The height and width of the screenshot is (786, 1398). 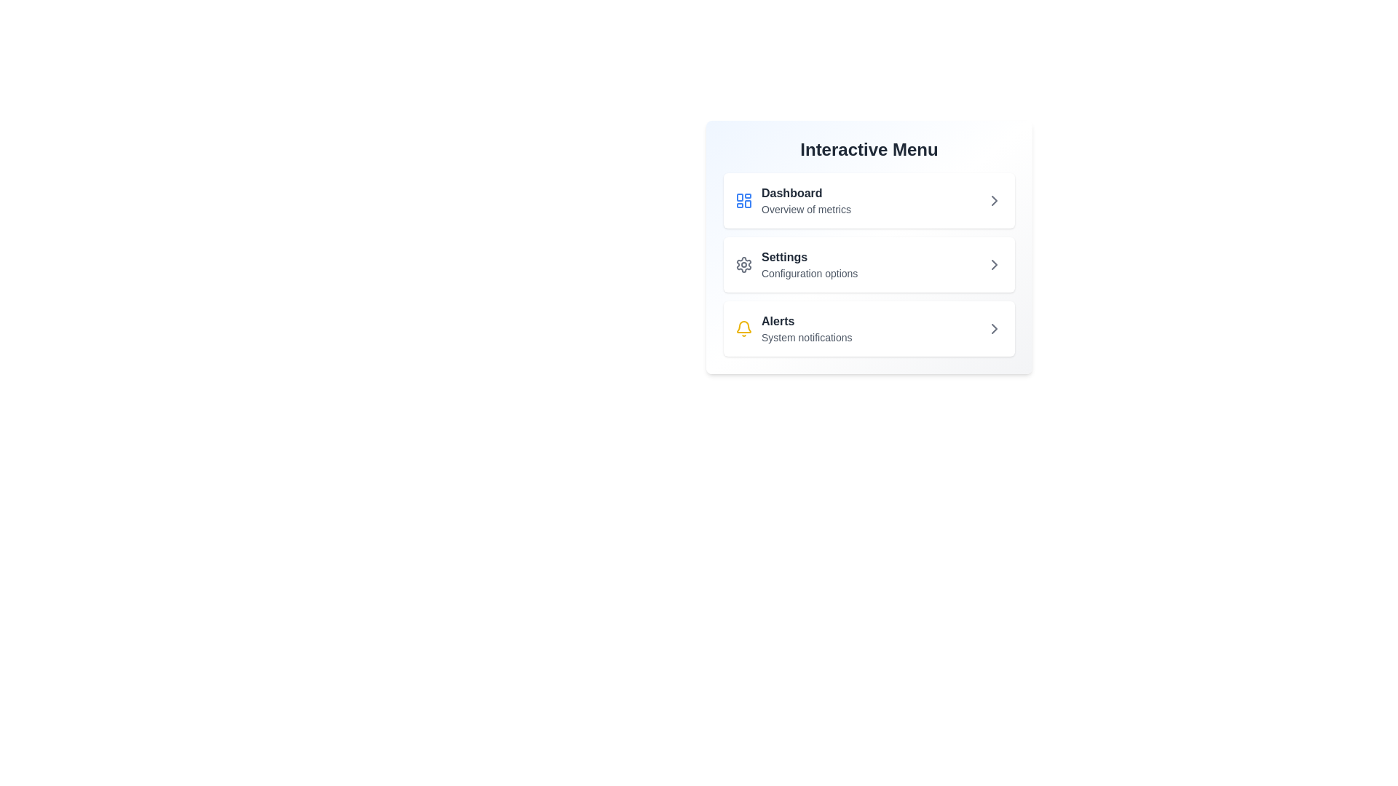 I want to click on the middle clickable card in the Interactive Menu section, so click(x=869, y=246).